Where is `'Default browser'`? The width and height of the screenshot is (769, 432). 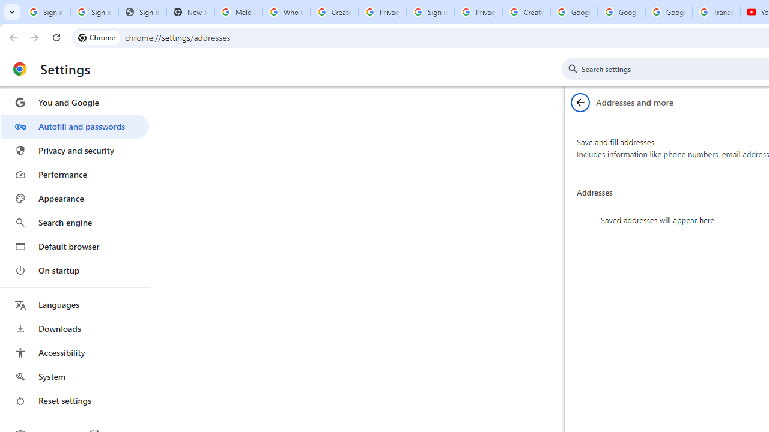
'Default browser' is located at coordinates (74, 246).